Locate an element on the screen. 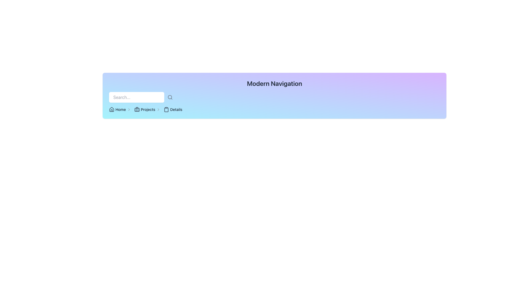  text label indicating the current section in the breadcrumb navigation, which displays 'Projects' is located at coordinates (148, 109).